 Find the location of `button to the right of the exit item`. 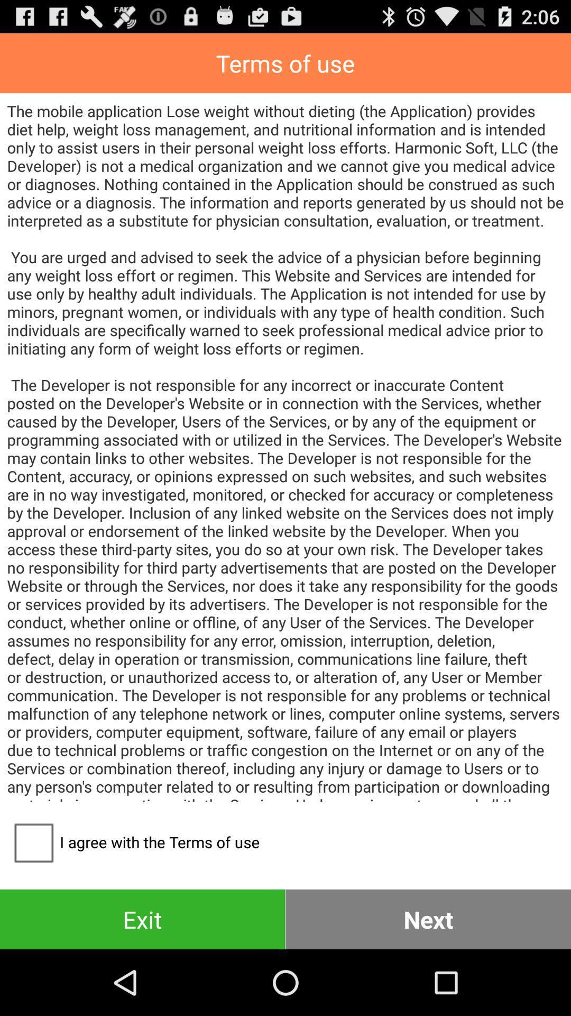

button to the right of the exit item is located at coordinates (428, 919).